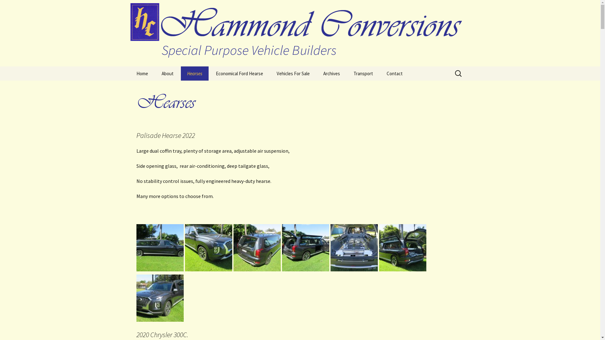 This screenshot has height=340, width=605. I want to click on 'Hearses', so click(194, 73).